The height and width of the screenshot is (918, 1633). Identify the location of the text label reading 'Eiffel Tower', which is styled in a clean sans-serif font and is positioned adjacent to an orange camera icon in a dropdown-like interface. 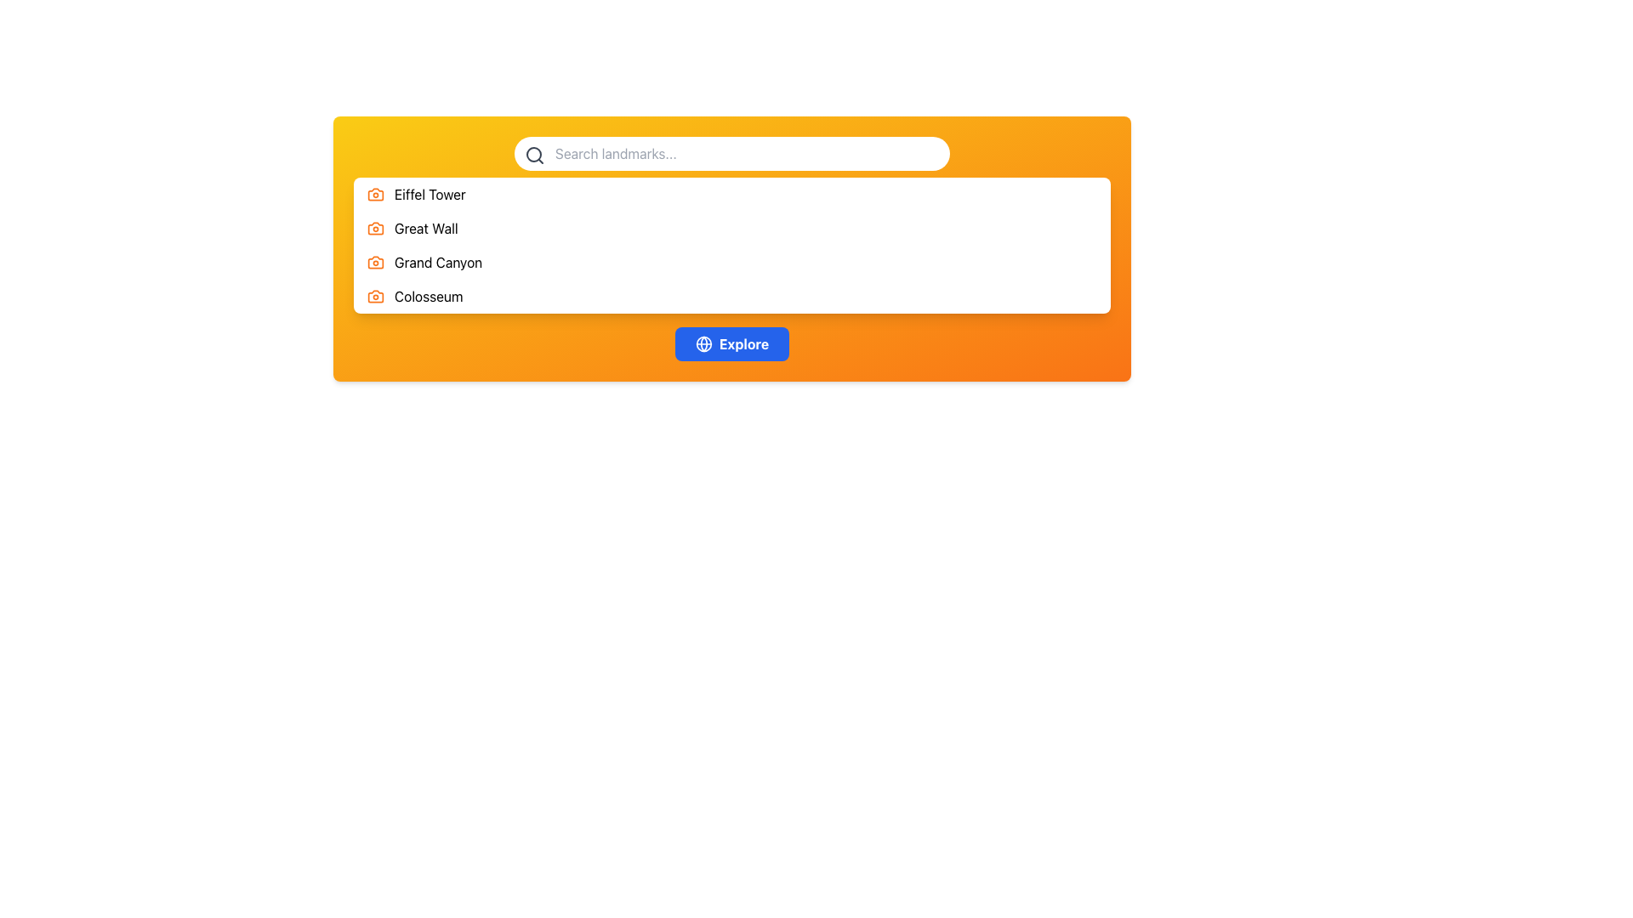
(430, 193).